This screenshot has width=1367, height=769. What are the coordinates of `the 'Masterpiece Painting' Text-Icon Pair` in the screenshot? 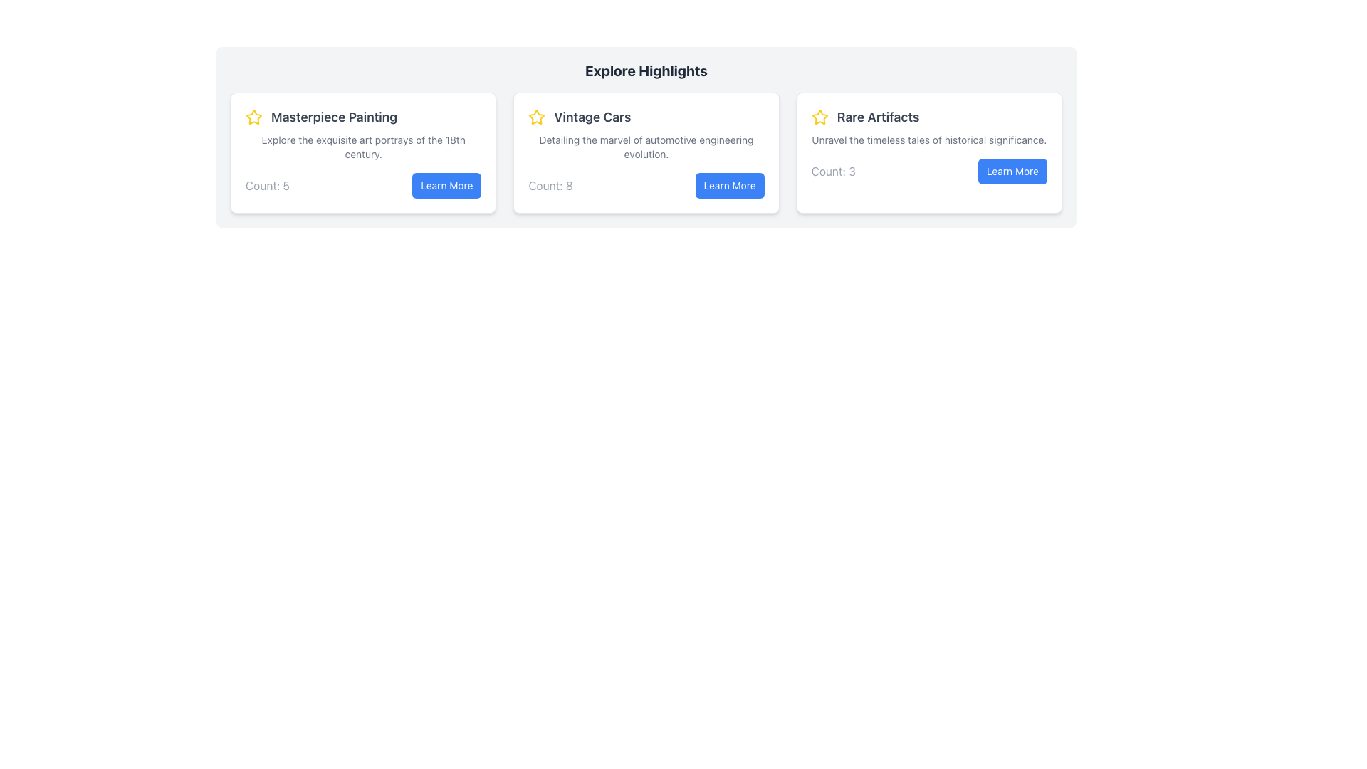 It's located at (363, 117).